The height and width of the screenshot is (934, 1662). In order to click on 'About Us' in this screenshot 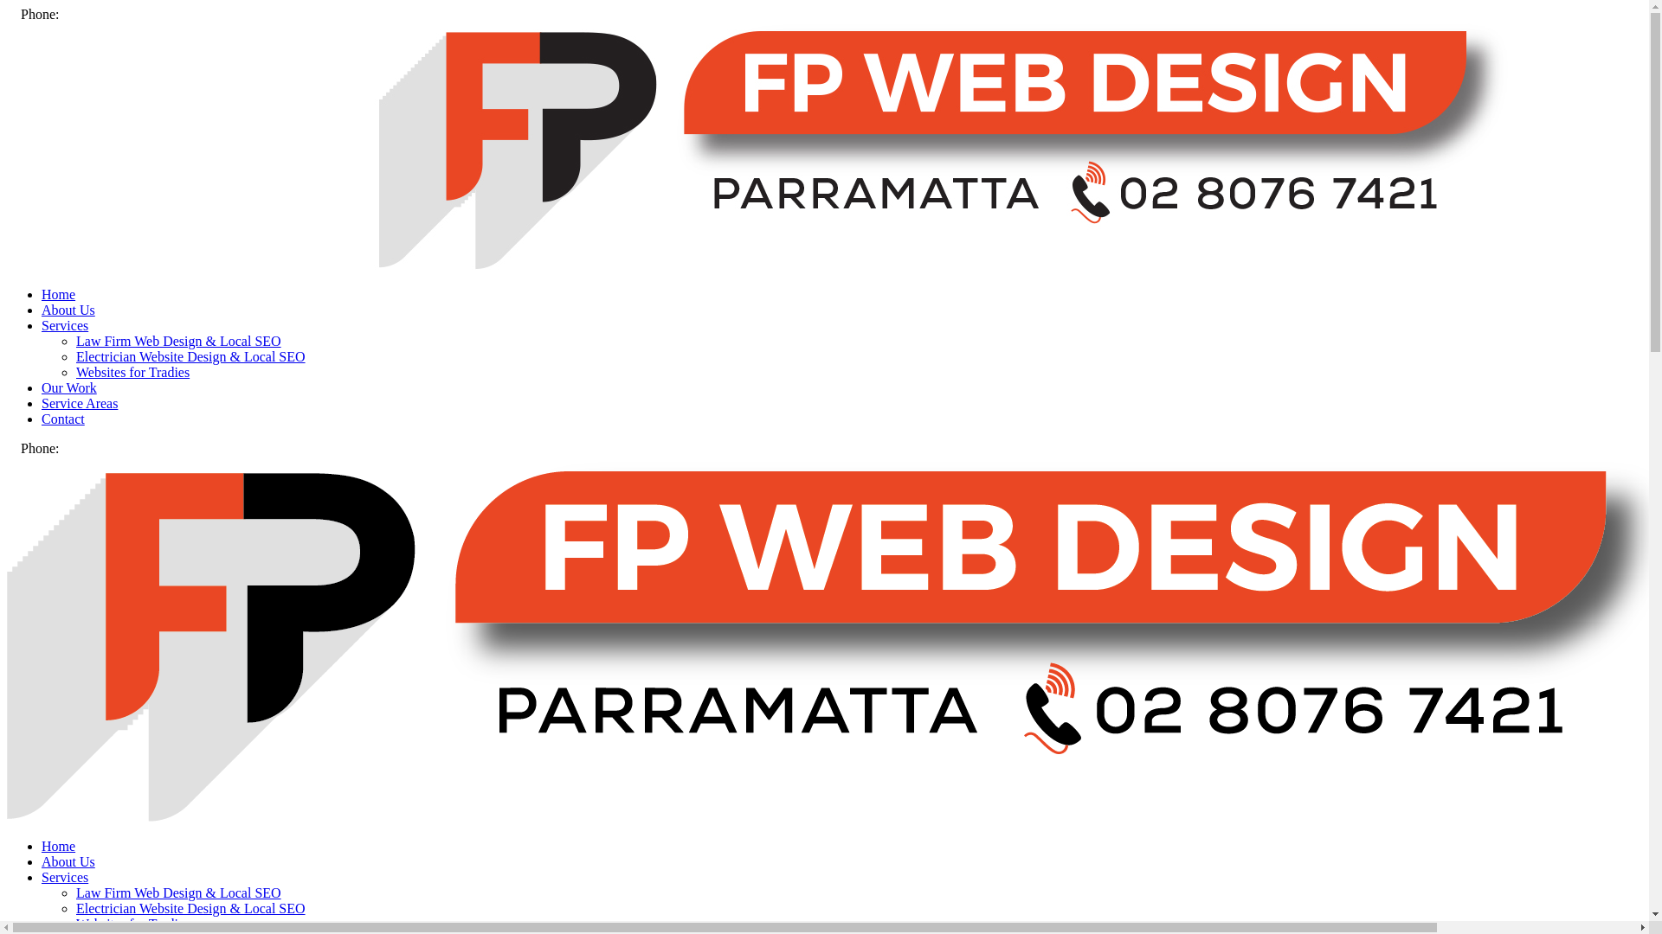, I will do `click(68, 861)`.